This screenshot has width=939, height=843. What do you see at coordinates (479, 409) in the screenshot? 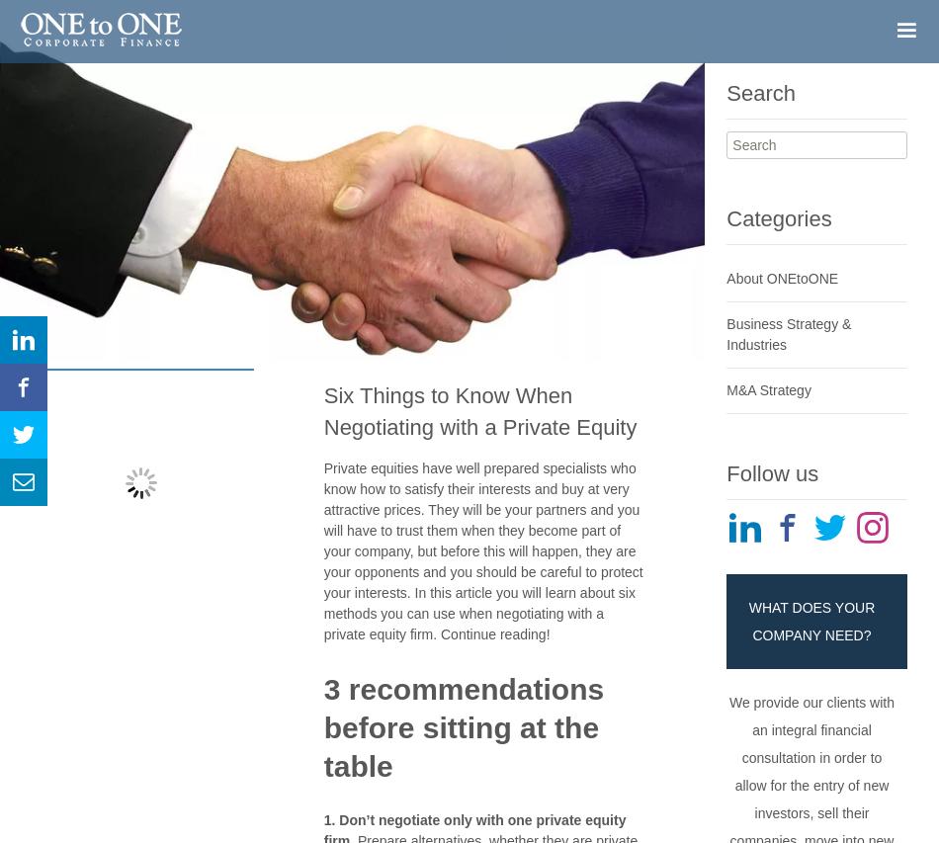
I see `'Six Things to Know When Negotiating with a Private Equity'` at bounding box center [479, 409].